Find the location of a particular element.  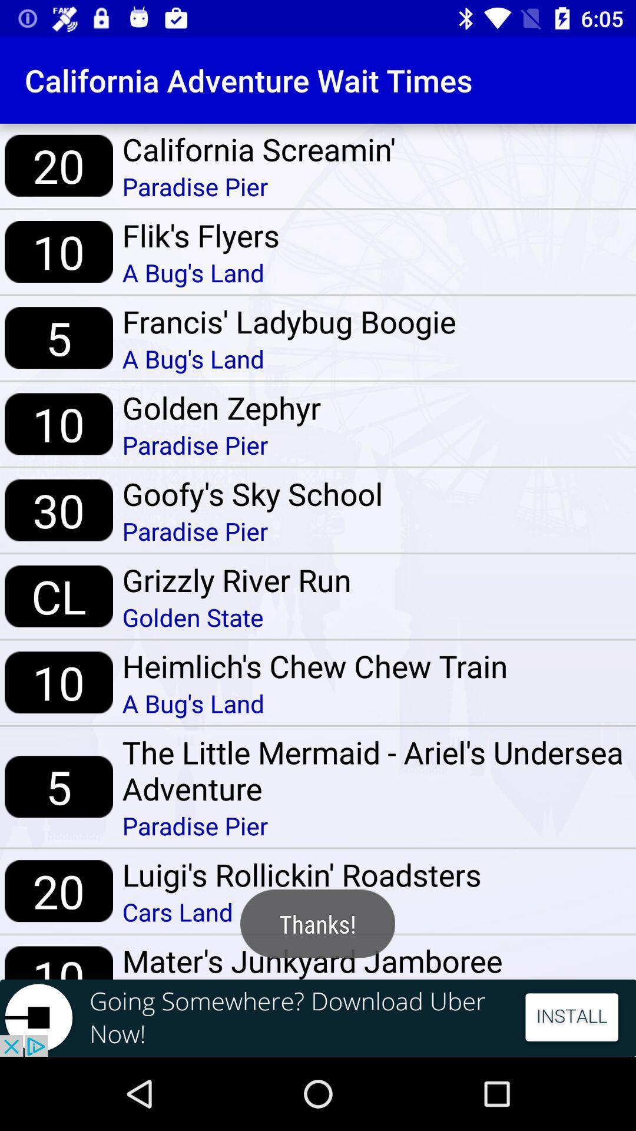

the item below paradise pier item is located at coordinates (251, 494).